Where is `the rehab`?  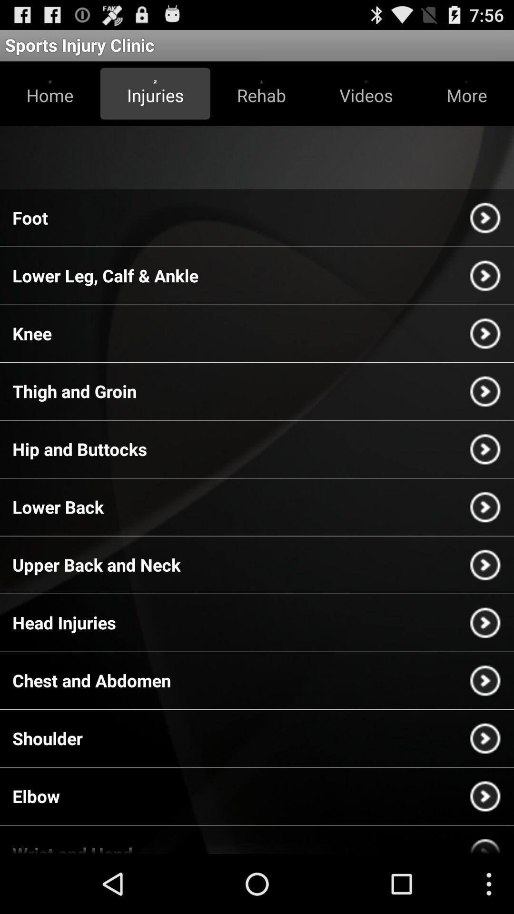
the rehab is located at coordinates (261, 93).